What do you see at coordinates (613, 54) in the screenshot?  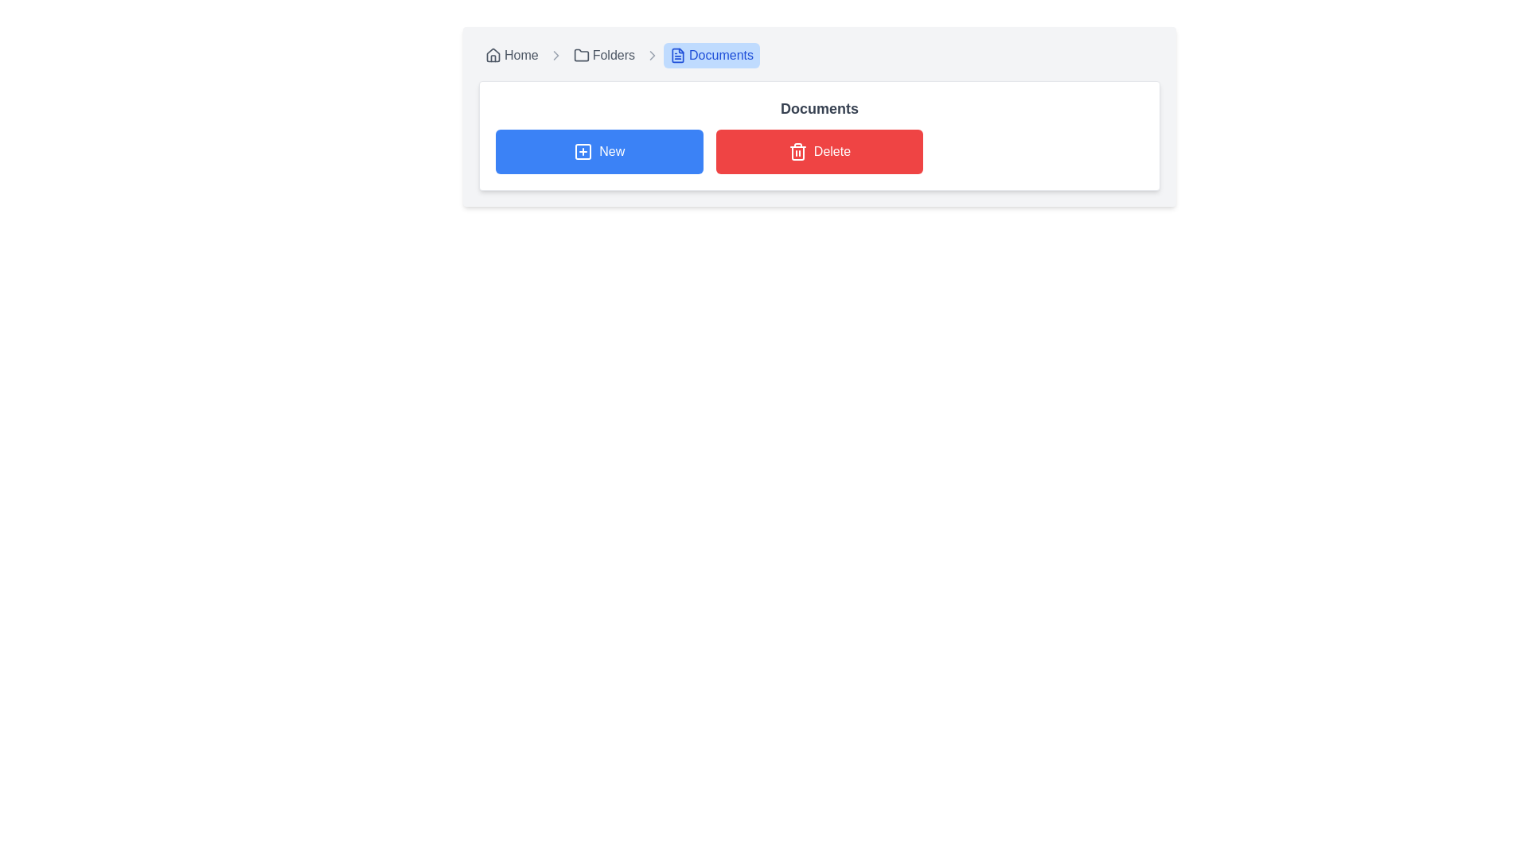 I see `breadcrumb label indicating a navigation step or folder category, located in the upper header/navigation bar area, immediately to the right of the folder icon` at bounding box center [613, 54].